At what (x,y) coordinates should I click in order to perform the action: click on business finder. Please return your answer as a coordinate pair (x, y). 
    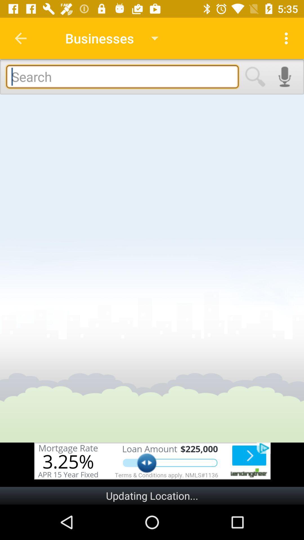
    Looking at the image, I should click on (122, 76).